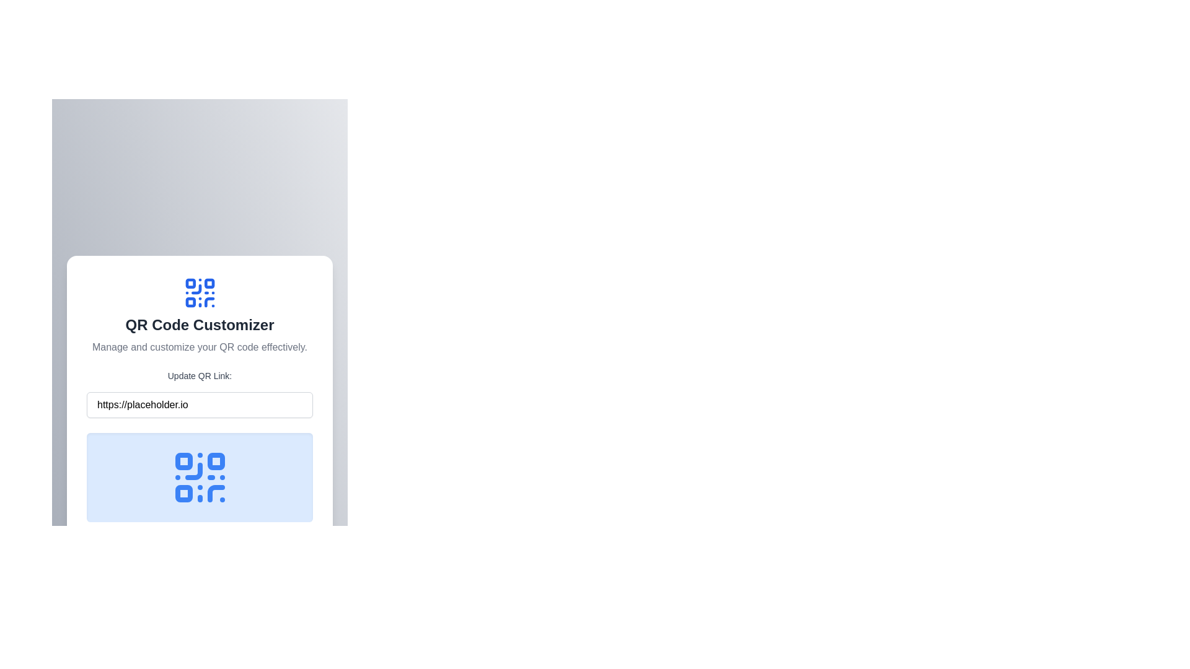  I want to click on the second square in the top row of the QR code graphic, which is a decorative component of the SVG illustration, so click(216, 461).